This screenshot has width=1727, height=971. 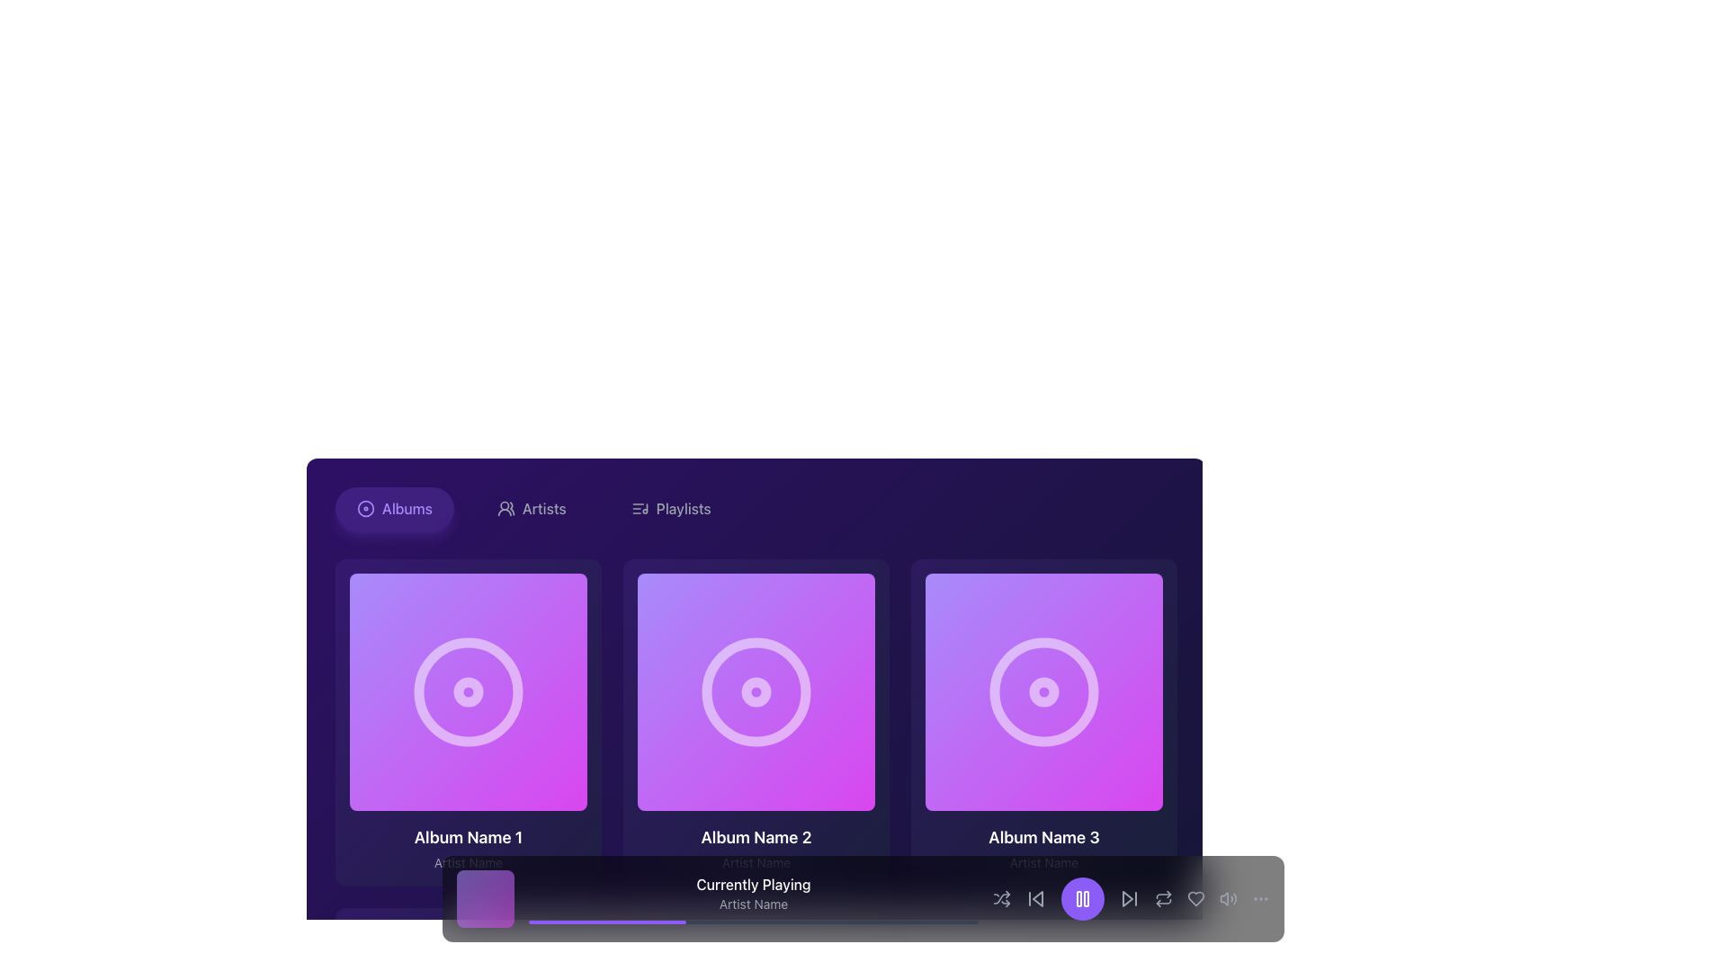 What do you see at coordinates (1044, 691) in the screenshot?
I see `the circular icon representing the album's artwork or play functionality, located at the center of the last album card in the horizontally-aligned grid` at bounding box center [1044, 691].